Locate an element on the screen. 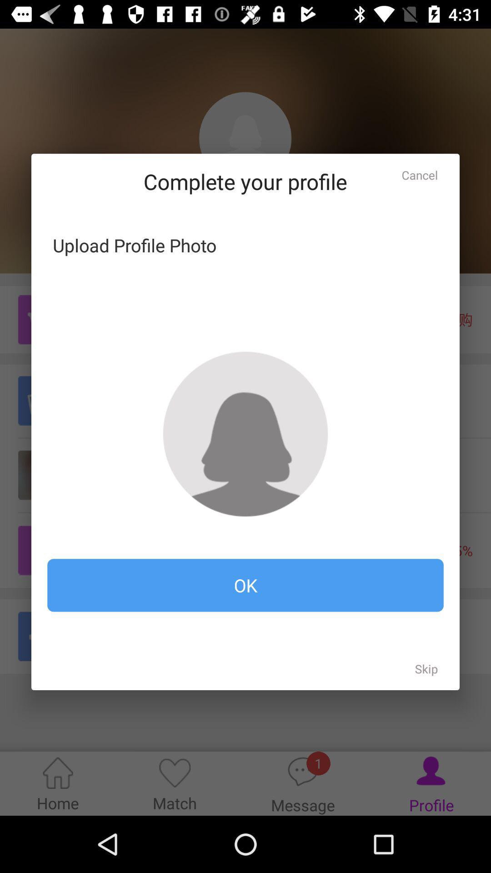 This screenshot has height=873, width=491. the cancel icon is located at coordinates (420, 175).